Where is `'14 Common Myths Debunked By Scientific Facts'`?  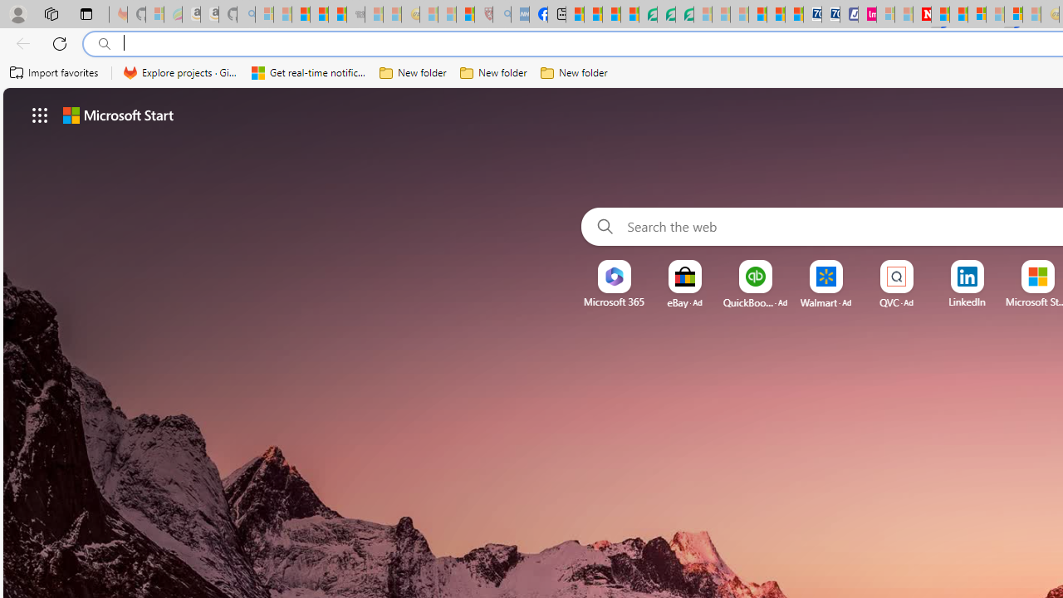
'14 Common Myths Debunked By Scientific Facts' is located at coordinates (958, 14).